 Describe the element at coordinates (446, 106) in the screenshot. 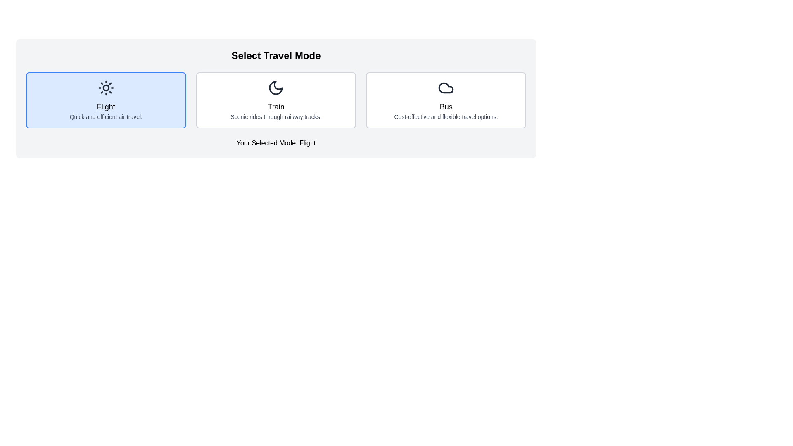

I see `the 'Bus' text label, which is styled in a large, bold font and located in the rightmost card of a horizontal row of three cards` at that location.